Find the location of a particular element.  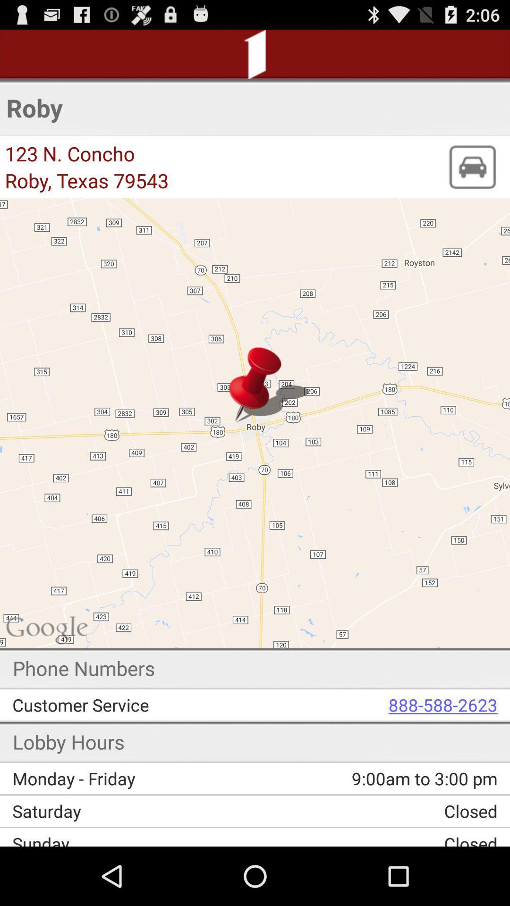

the icon next to monday - friday is located at coordinates (370, 779).